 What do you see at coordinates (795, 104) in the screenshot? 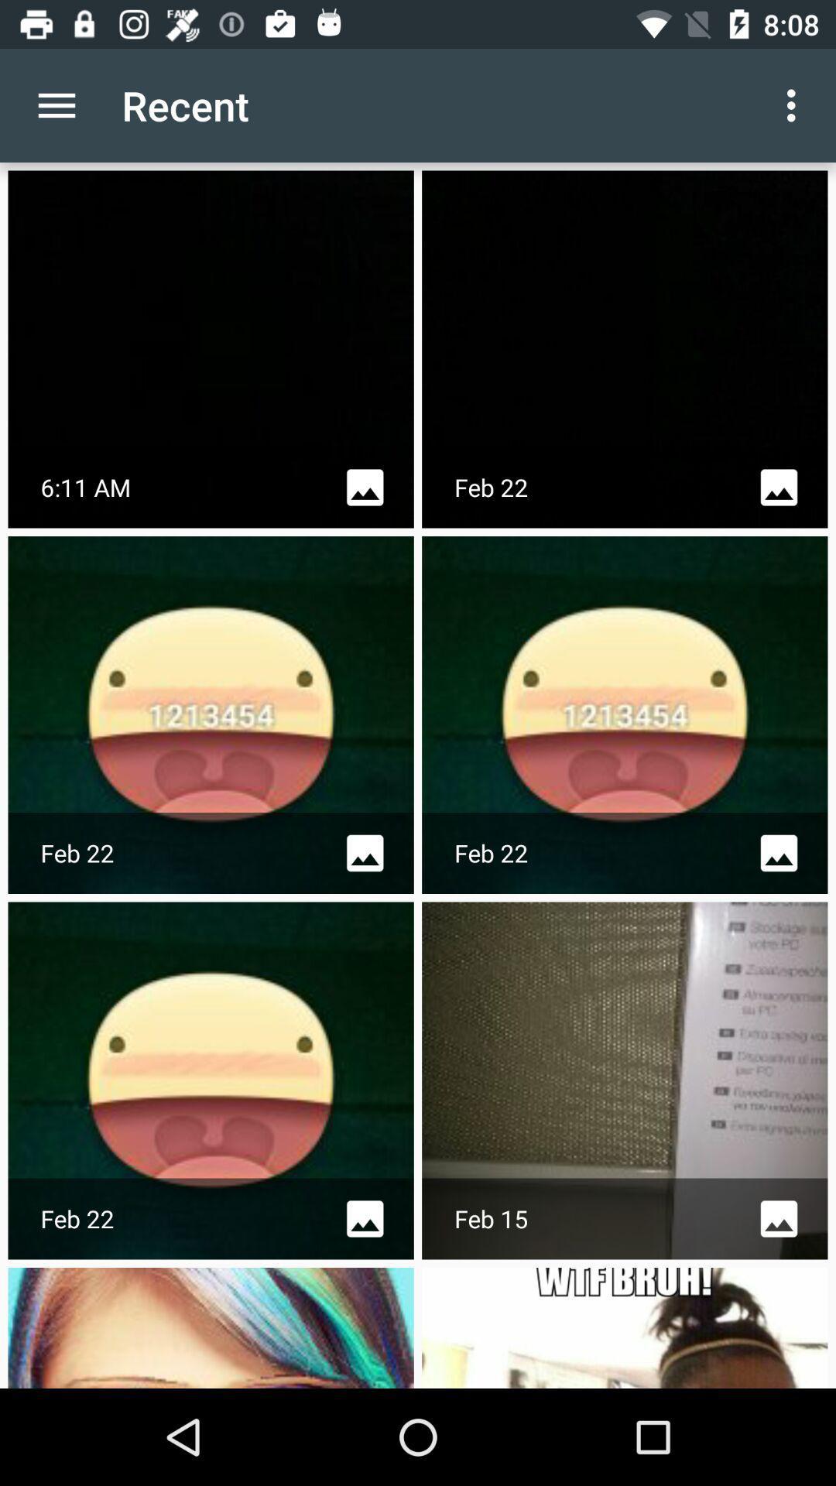
I see `the app to the right of recent app` at bounding box center [795, 104].